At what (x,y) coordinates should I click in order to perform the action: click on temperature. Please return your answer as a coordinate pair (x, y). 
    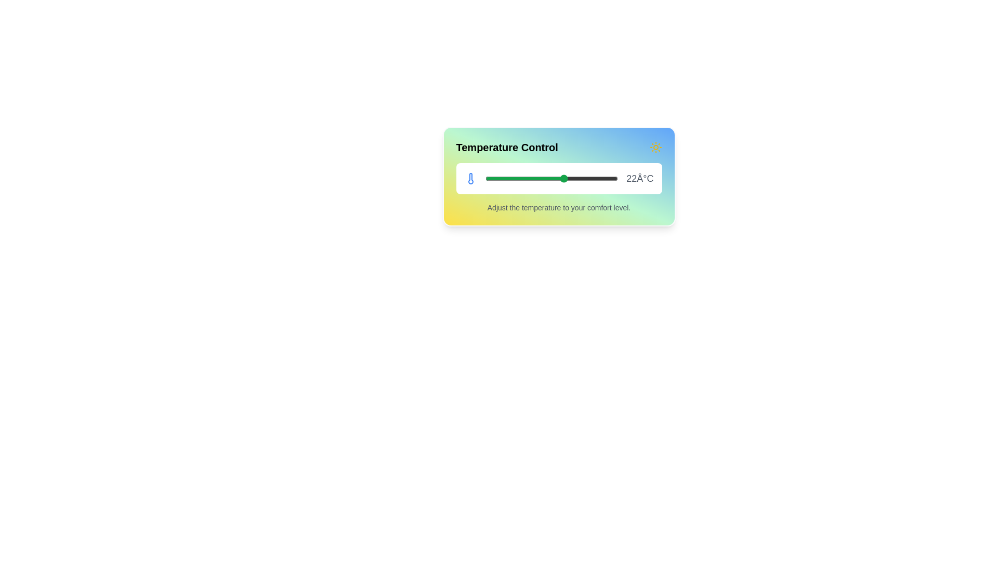
    Looking at the image, I should click on (511, 178).